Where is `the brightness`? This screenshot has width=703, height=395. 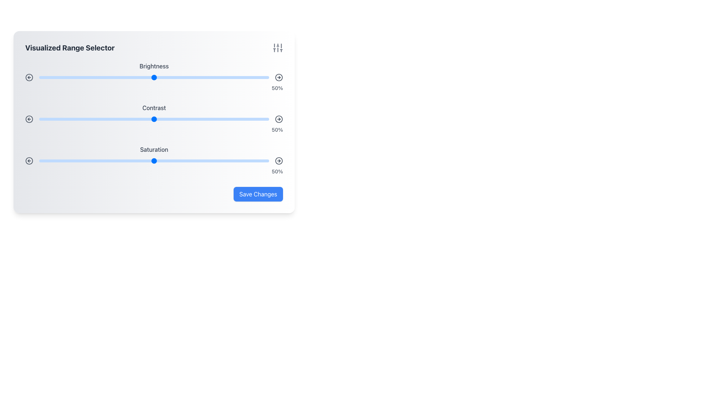 the brightness is located at coordinates (174, 78).